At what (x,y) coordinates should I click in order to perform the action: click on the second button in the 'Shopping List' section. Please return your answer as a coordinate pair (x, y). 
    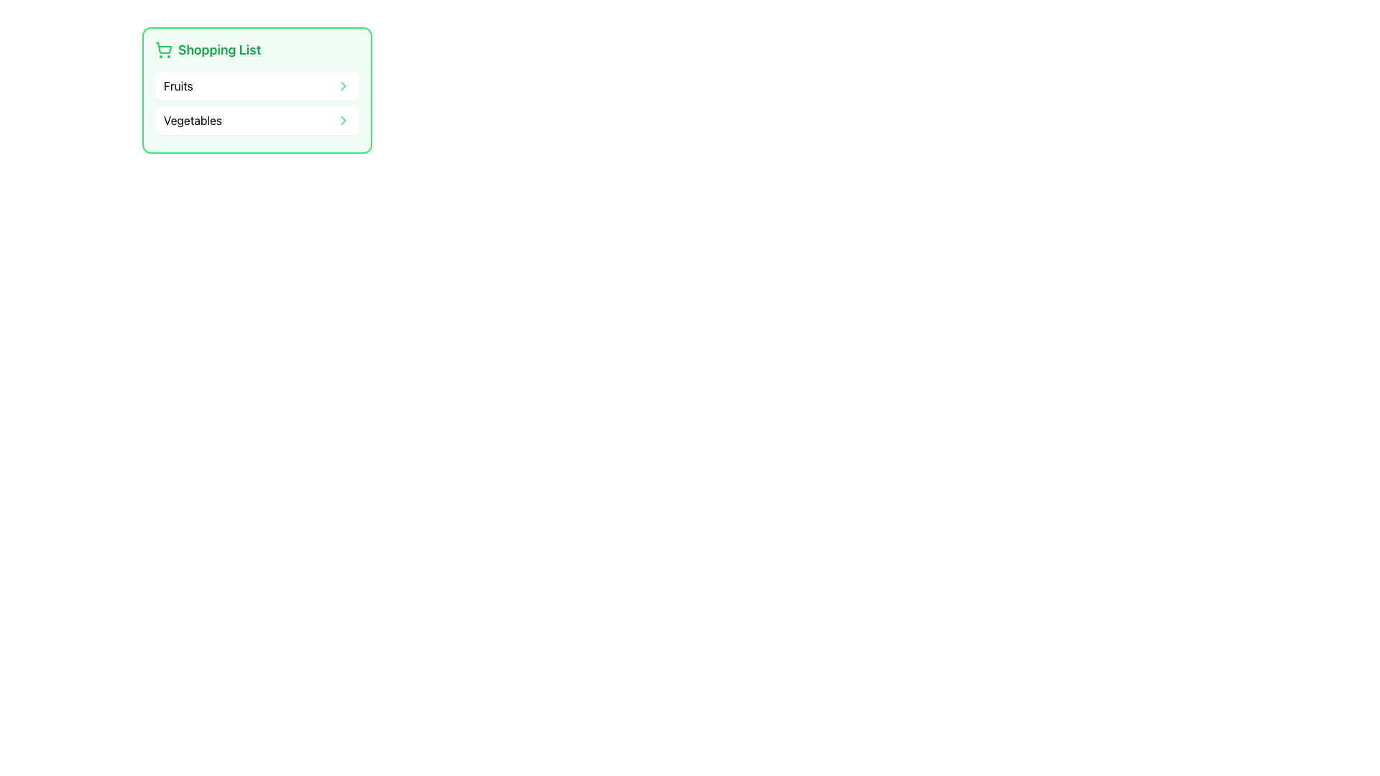
    Looking at the image, I should click on (257, 120).